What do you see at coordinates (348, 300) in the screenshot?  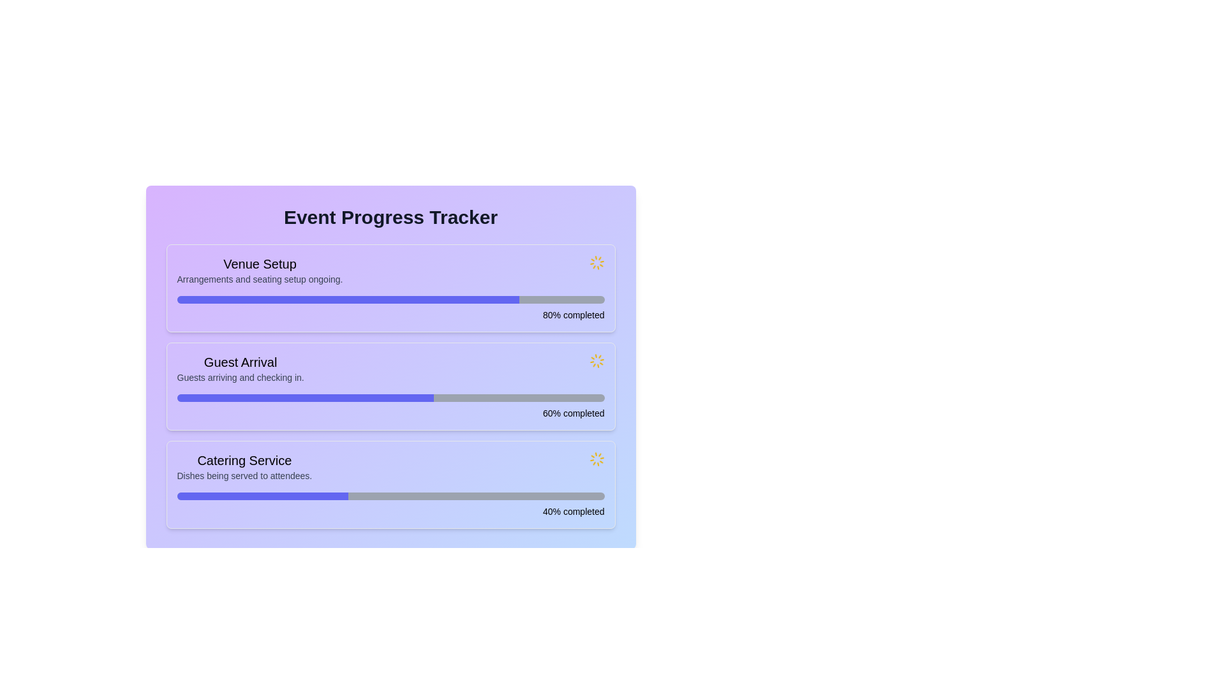 I see `the horizontal progress bar indicating 80% completion, located under the 'Venue Setup' text in the 'Event Progress Tracker' interface` at bounding box center [348, 300].